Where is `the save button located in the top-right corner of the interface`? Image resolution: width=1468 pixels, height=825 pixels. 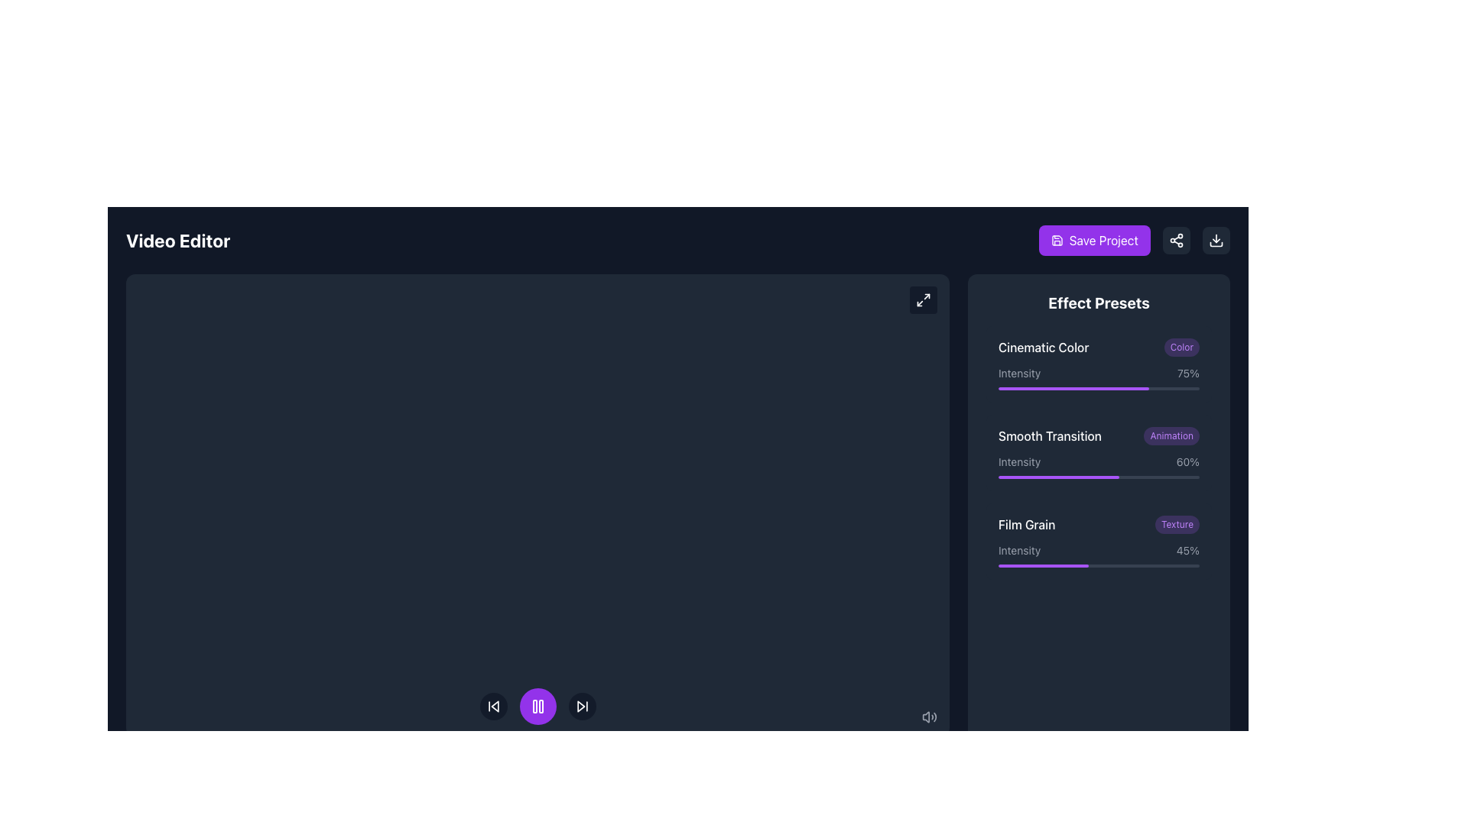
the save button located in the top-right corner of the interface is located at coordinates (1093, 241).